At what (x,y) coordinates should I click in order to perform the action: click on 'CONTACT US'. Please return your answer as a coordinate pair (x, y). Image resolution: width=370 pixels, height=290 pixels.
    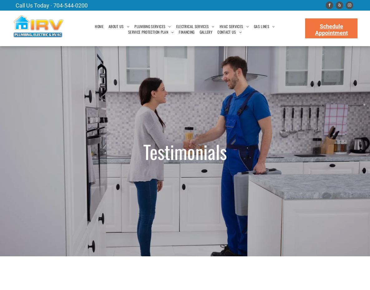
    Looking at the image, I should click on (217, 32).